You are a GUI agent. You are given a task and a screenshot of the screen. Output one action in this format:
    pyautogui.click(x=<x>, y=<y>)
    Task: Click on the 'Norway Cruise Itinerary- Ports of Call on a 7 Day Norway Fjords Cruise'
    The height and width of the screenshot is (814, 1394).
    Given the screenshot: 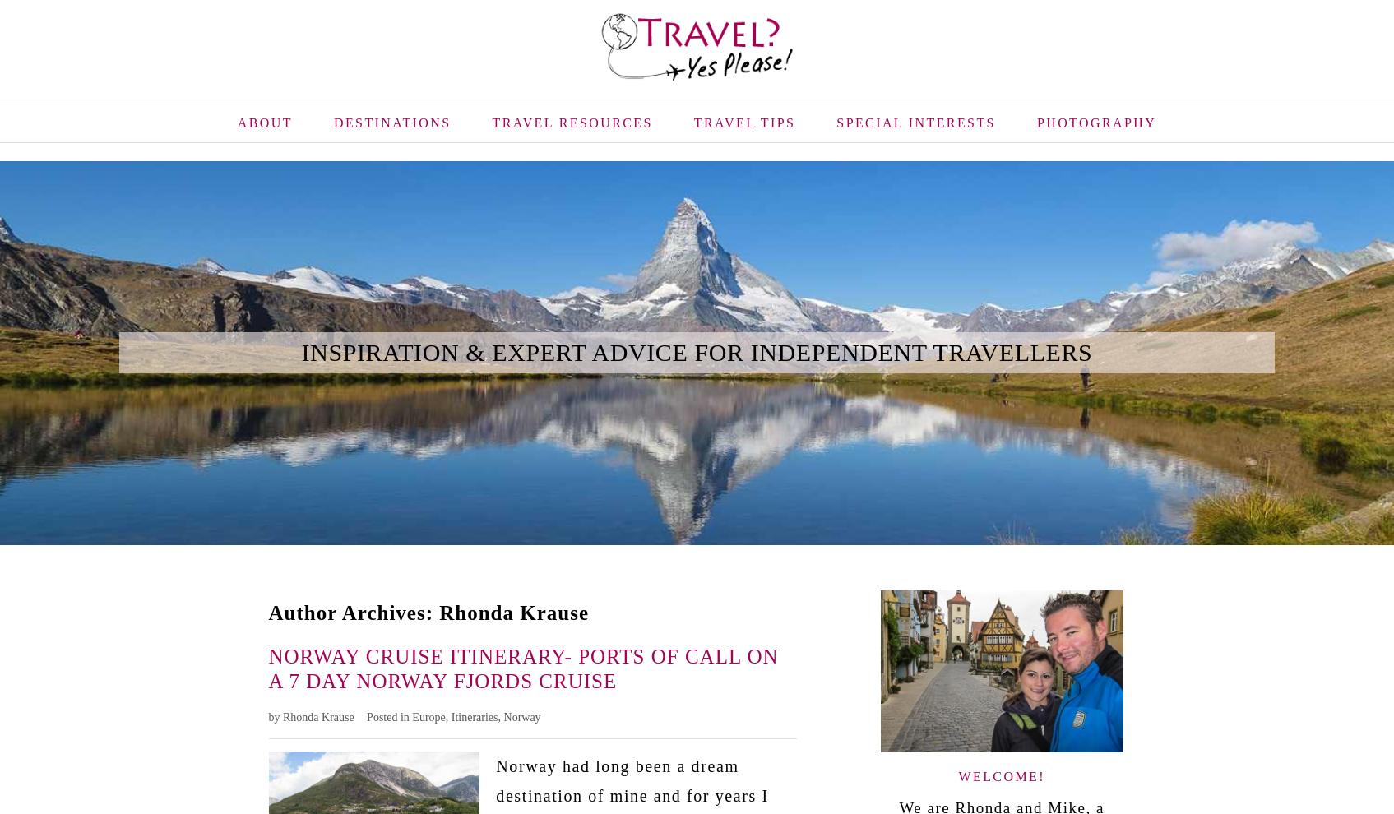 What is the action you would take?
    pyautogui.click(x=521, y=667)
    